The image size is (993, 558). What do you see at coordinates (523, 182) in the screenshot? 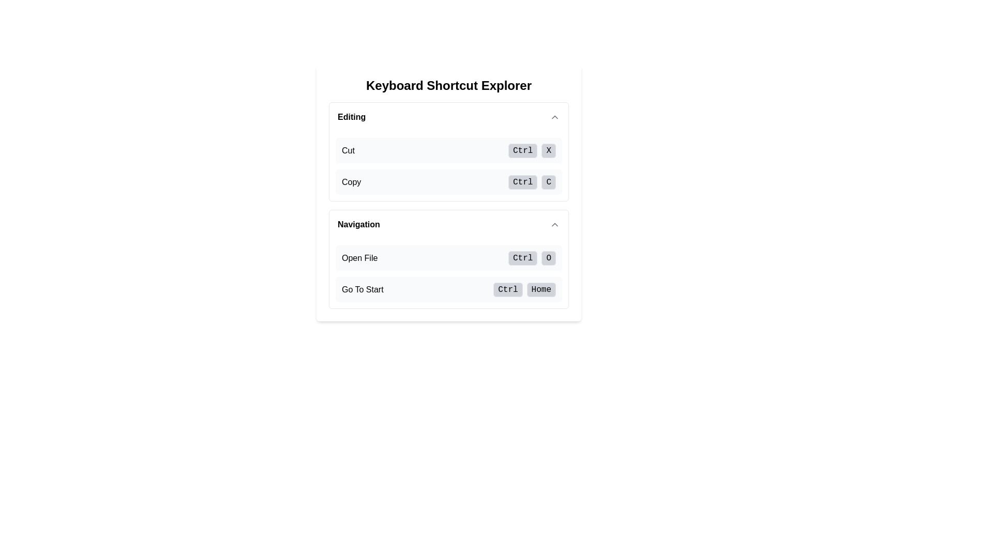
I see `the 'Ctrl' key label in the 'Copy' action row of the 'Editing' section within the keyboard shortcut explorer interface` at bounding box center [523, 182].